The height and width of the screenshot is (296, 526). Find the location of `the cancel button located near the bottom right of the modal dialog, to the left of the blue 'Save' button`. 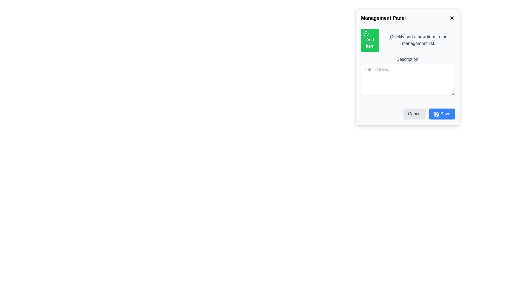

the cancel button located near the bottom right of the modal dialog, to the left of the blue 'Save' button is located at coordinates (415, 114).